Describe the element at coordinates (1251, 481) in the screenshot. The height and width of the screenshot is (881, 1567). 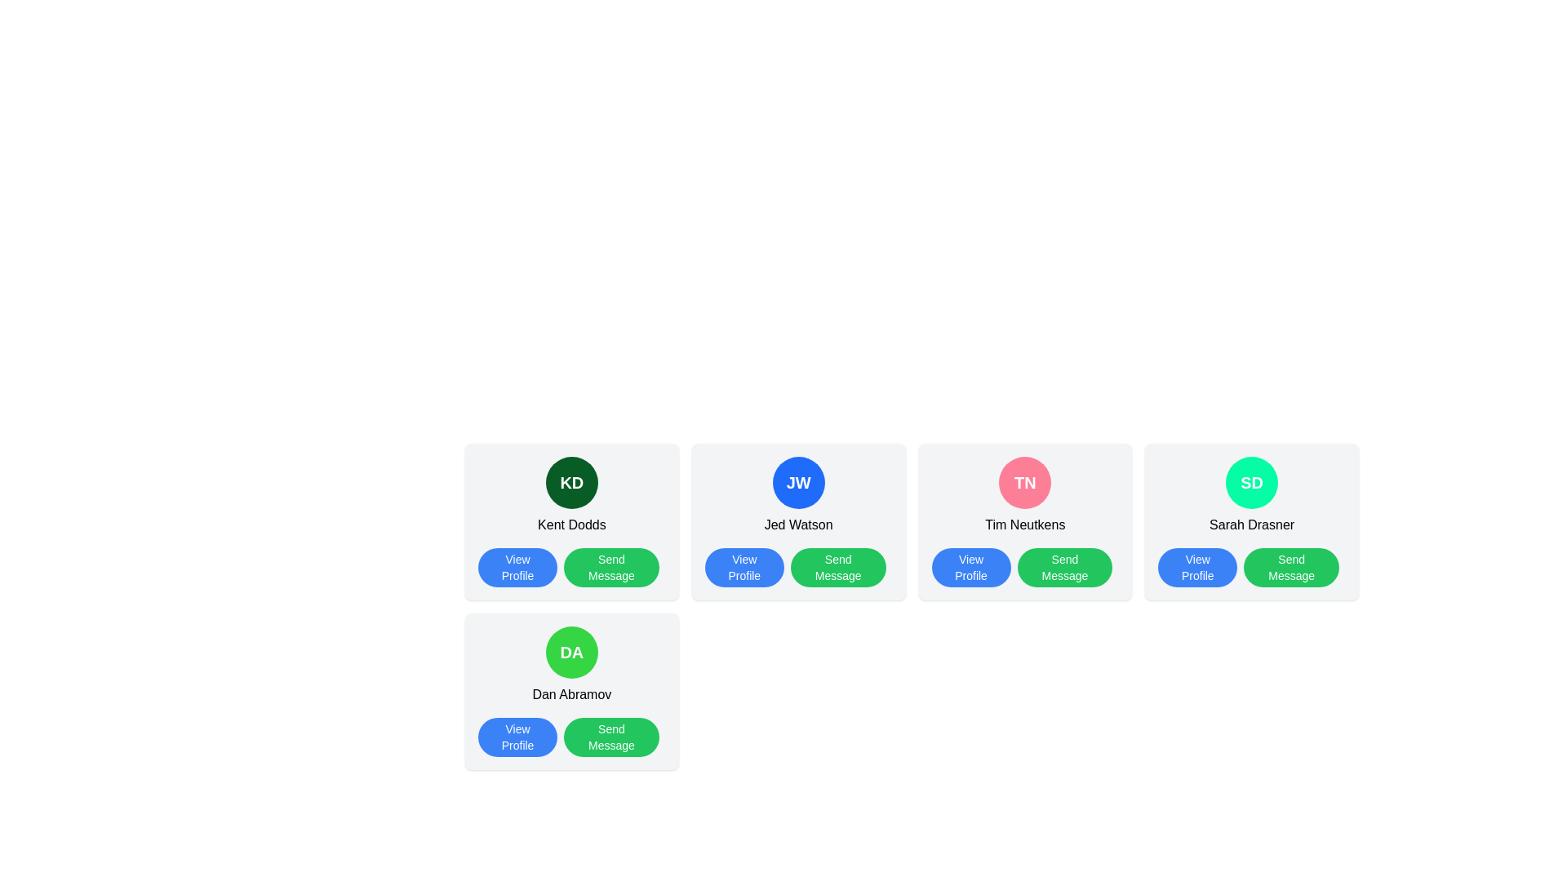
I see `the user avatar icon representing the initials of the user, located at the top center of the rounded white card above the name 'Sarah Drasner'` at that location.